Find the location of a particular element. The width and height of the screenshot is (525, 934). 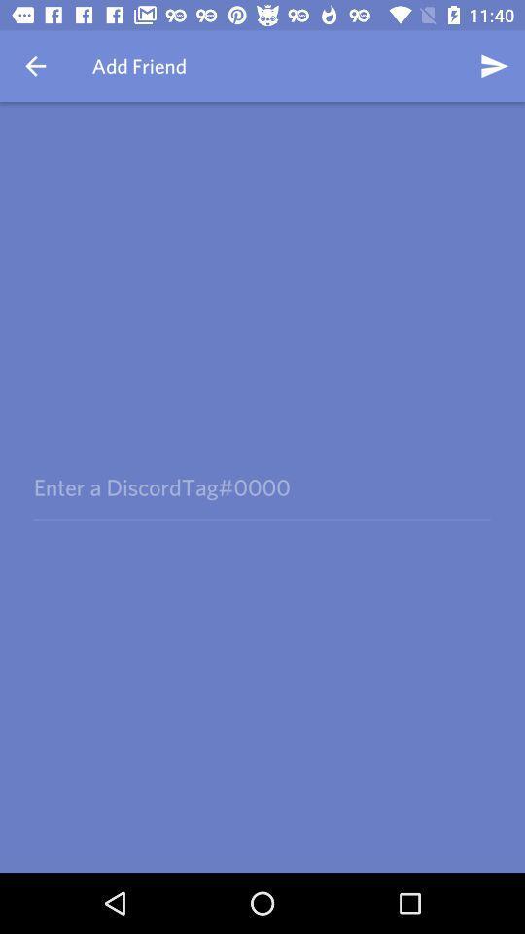

icon at the center is located at coordinates (262, 486).